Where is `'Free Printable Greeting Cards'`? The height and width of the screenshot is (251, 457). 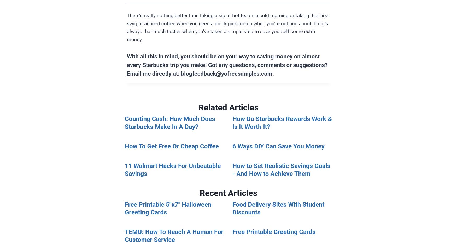 'Free Printable Greeting Cards' is located at coordinates (273, 231).